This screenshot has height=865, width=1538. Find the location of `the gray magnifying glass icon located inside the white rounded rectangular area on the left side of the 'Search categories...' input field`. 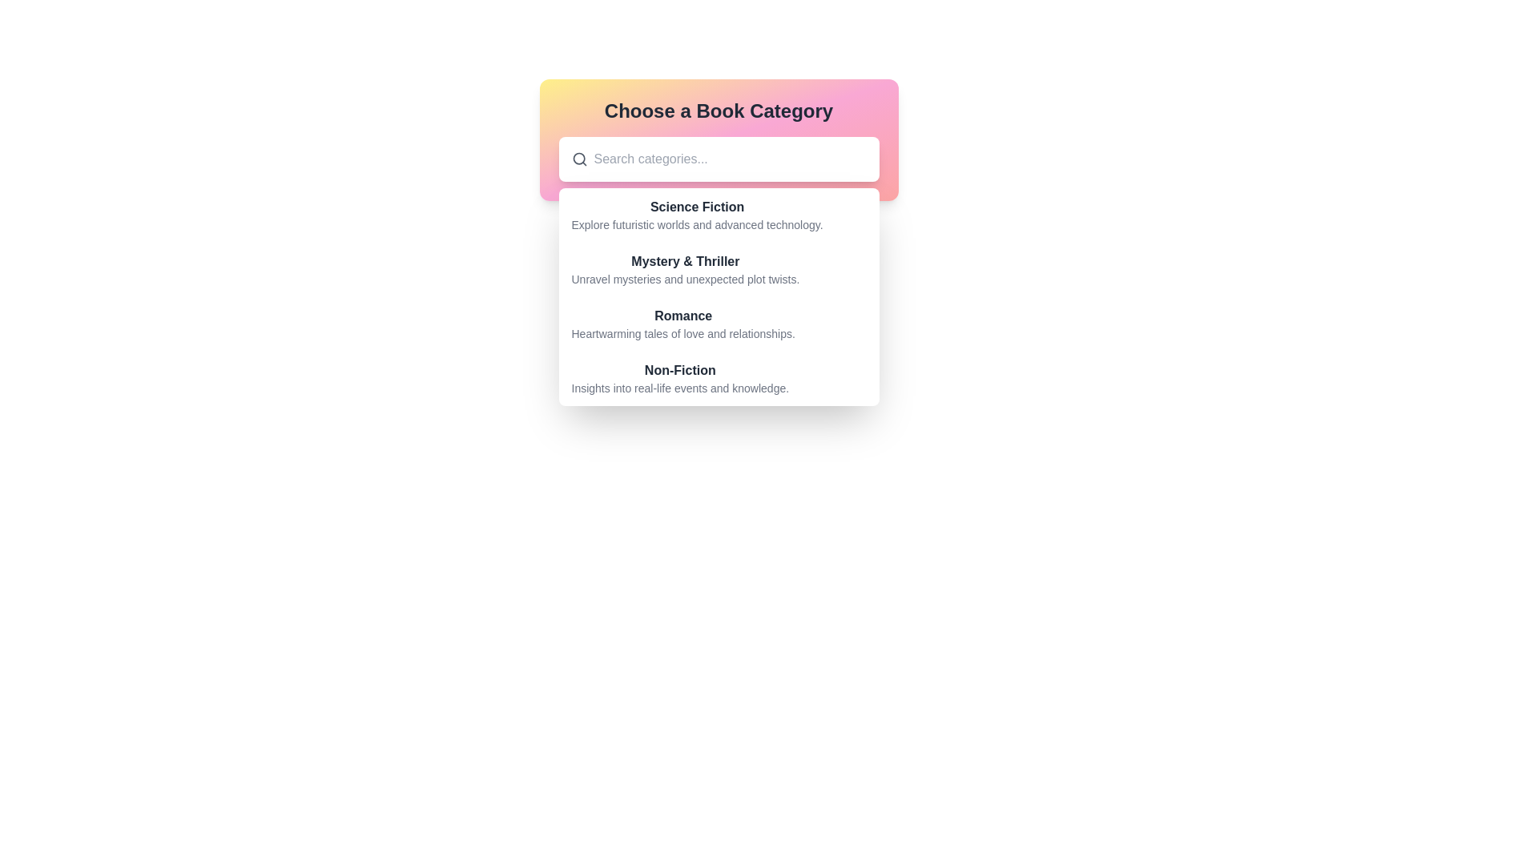

the gray magnifying glass icon located inside the white rounded rectangular area on the left side of the 'Search categories...' input field is located at coordinates (578, 159).